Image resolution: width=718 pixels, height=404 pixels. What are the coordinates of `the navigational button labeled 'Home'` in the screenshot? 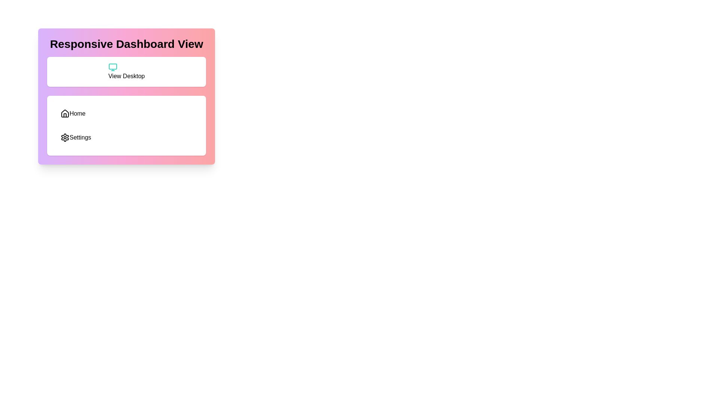 It's located at (73, 114).